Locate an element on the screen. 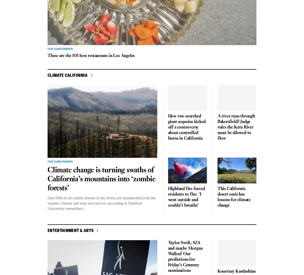 The width and height of the screenshot is (304, 275). 'A river runs through Bakersfield? Judge rules the Kern River must be allowed to flow' is located at coordinates (236, 127).